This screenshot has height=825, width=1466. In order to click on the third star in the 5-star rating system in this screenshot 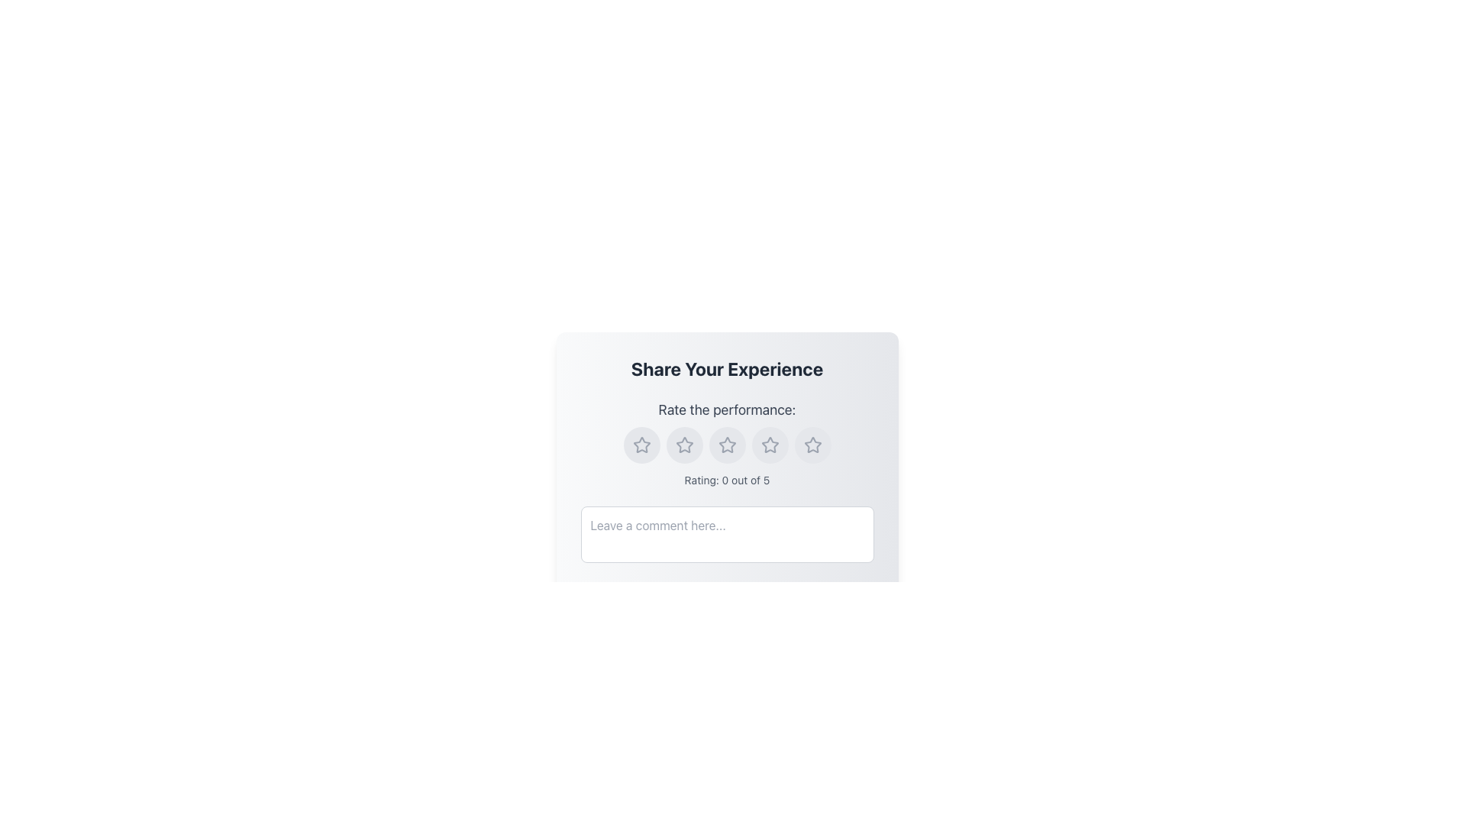, I will do `click(770, 445)`.